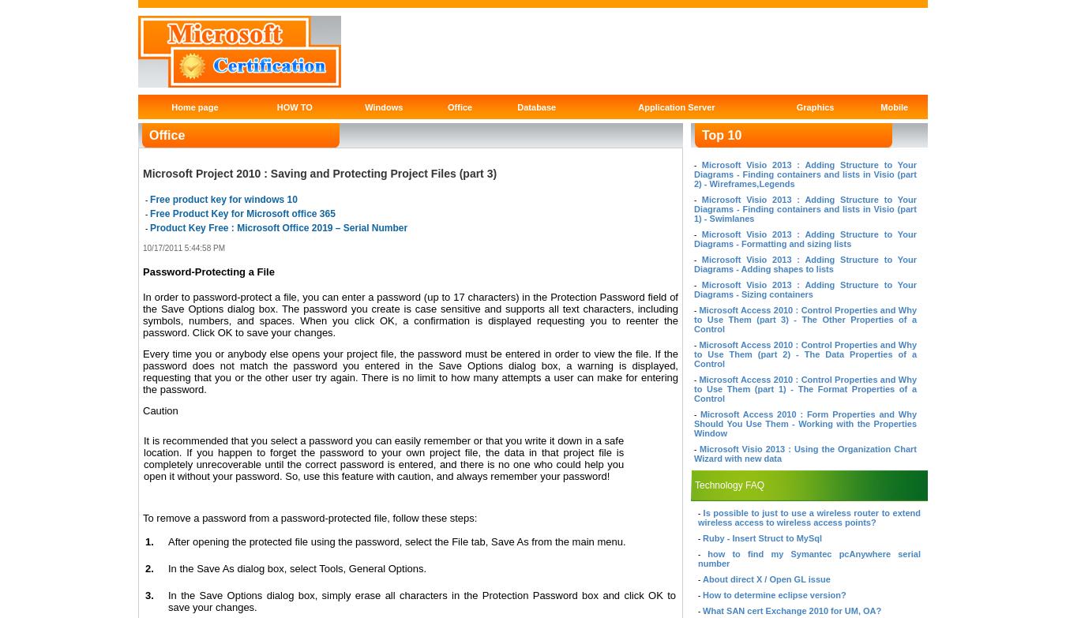 The width and height of the screenshot is (1066, 618). Describe the element at coordinates (294, 106) in the screenshot. I see `'HOW TO'` at that location.